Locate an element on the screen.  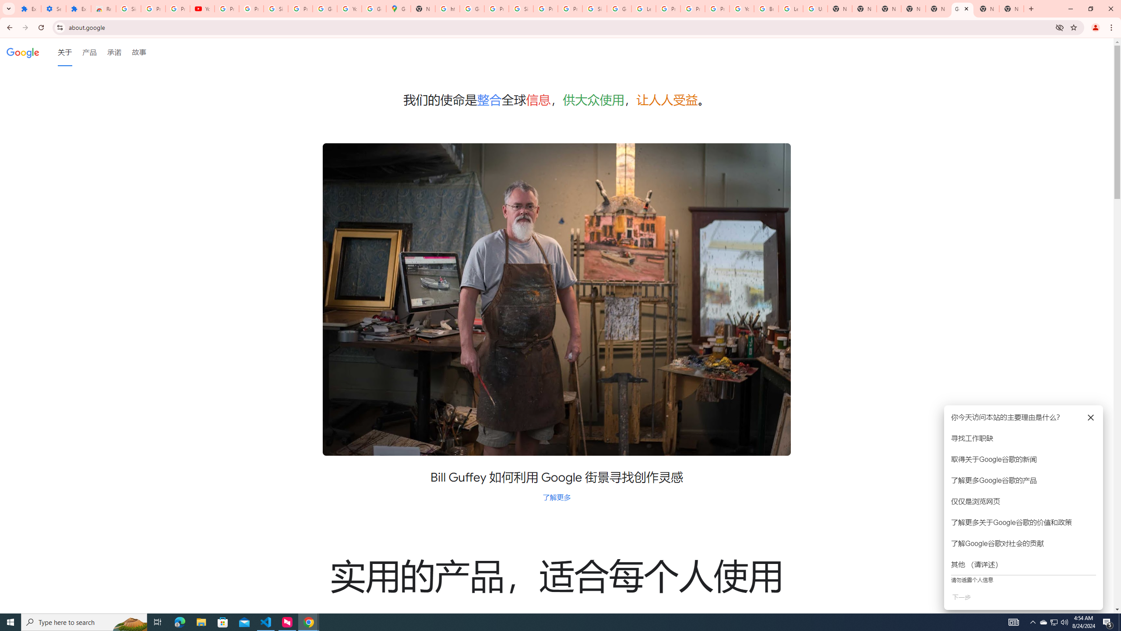
'Extensions' is located at coordinates (28, 8).